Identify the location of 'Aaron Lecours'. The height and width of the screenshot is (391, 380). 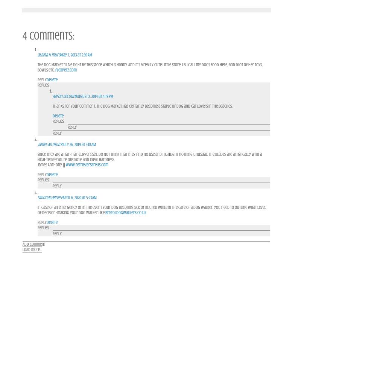
(64, 96).